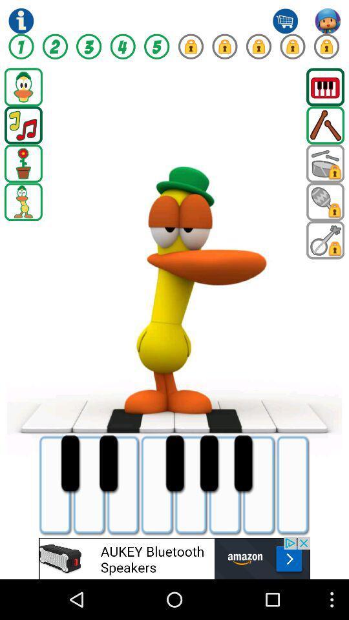  What do you see at coordinates (23, 134) in the screenshot?
I see `the music icon` at bounding box center [23, 134].